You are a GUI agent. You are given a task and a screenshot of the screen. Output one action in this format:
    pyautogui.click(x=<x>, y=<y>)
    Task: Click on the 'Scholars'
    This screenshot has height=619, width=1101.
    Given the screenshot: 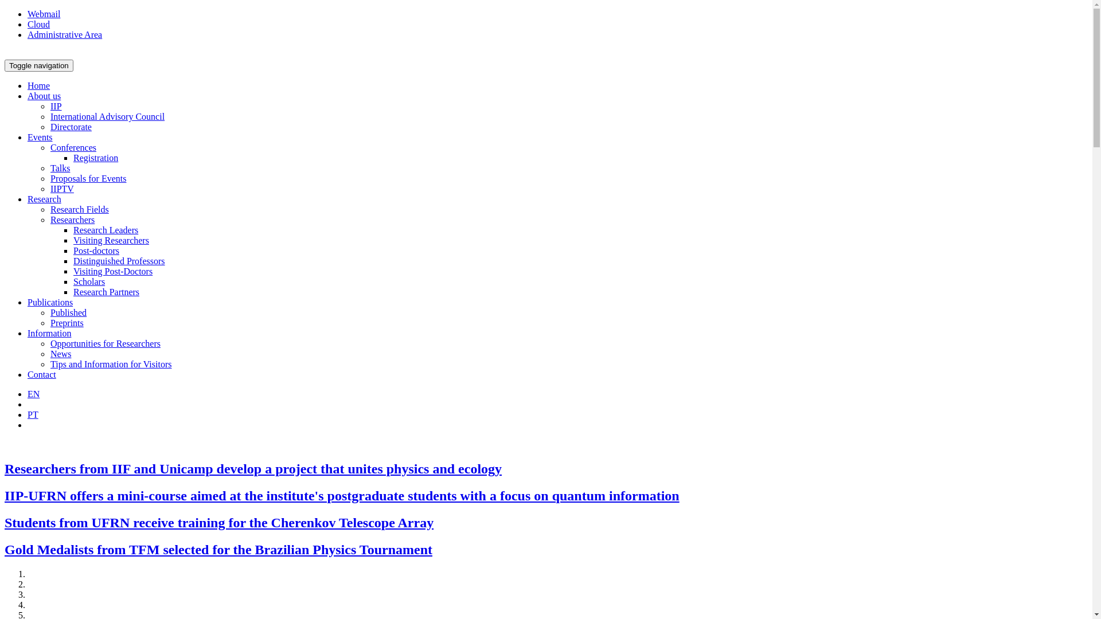 What is the action you would take?
    pyautogui.click(x=88, y=281)
    